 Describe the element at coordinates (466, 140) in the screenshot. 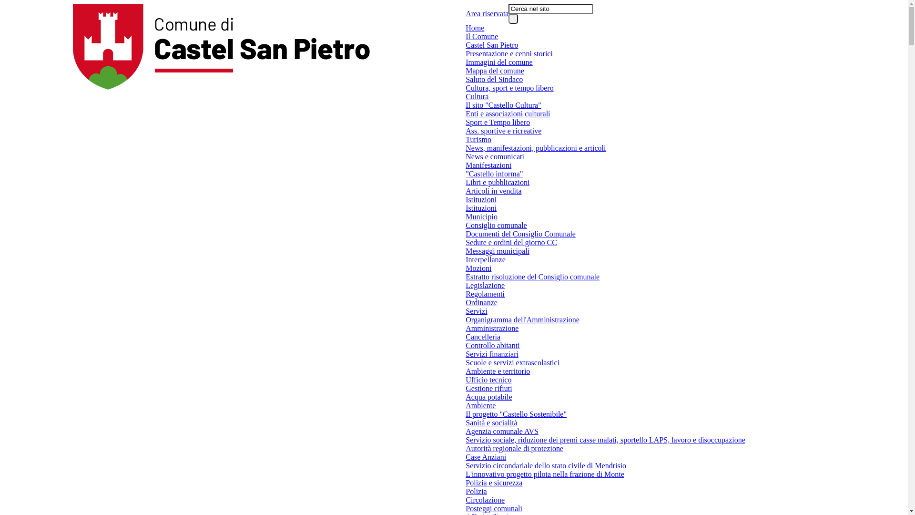

I see `'Turismo'` at that location.